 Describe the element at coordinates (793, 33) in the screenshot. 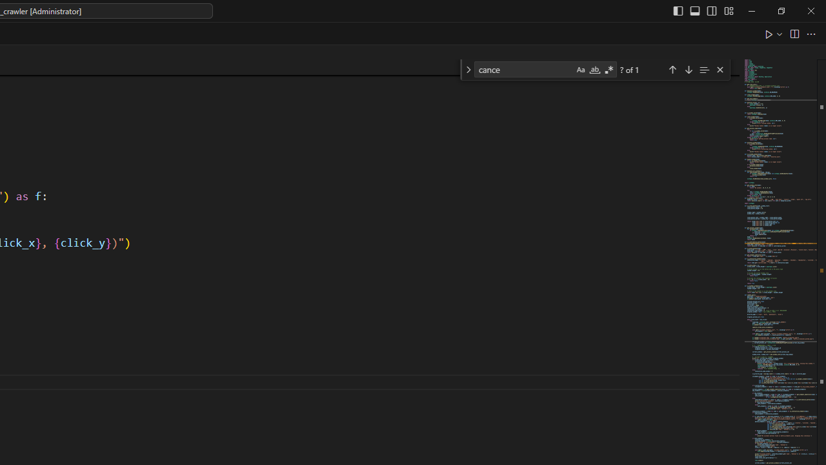

I see `'Split Editor Right (Ctrl+\) [Alt] Split Editor Down'` at that location.